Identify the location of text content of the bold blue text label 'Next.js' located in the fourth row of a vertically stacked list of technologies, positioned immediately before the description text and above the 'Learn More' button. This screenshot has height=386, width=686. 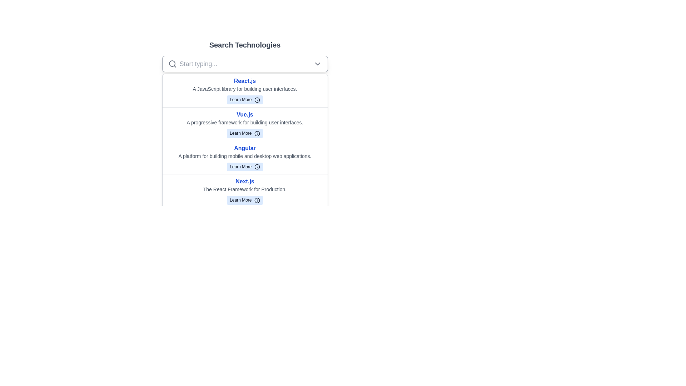
(245, 181).